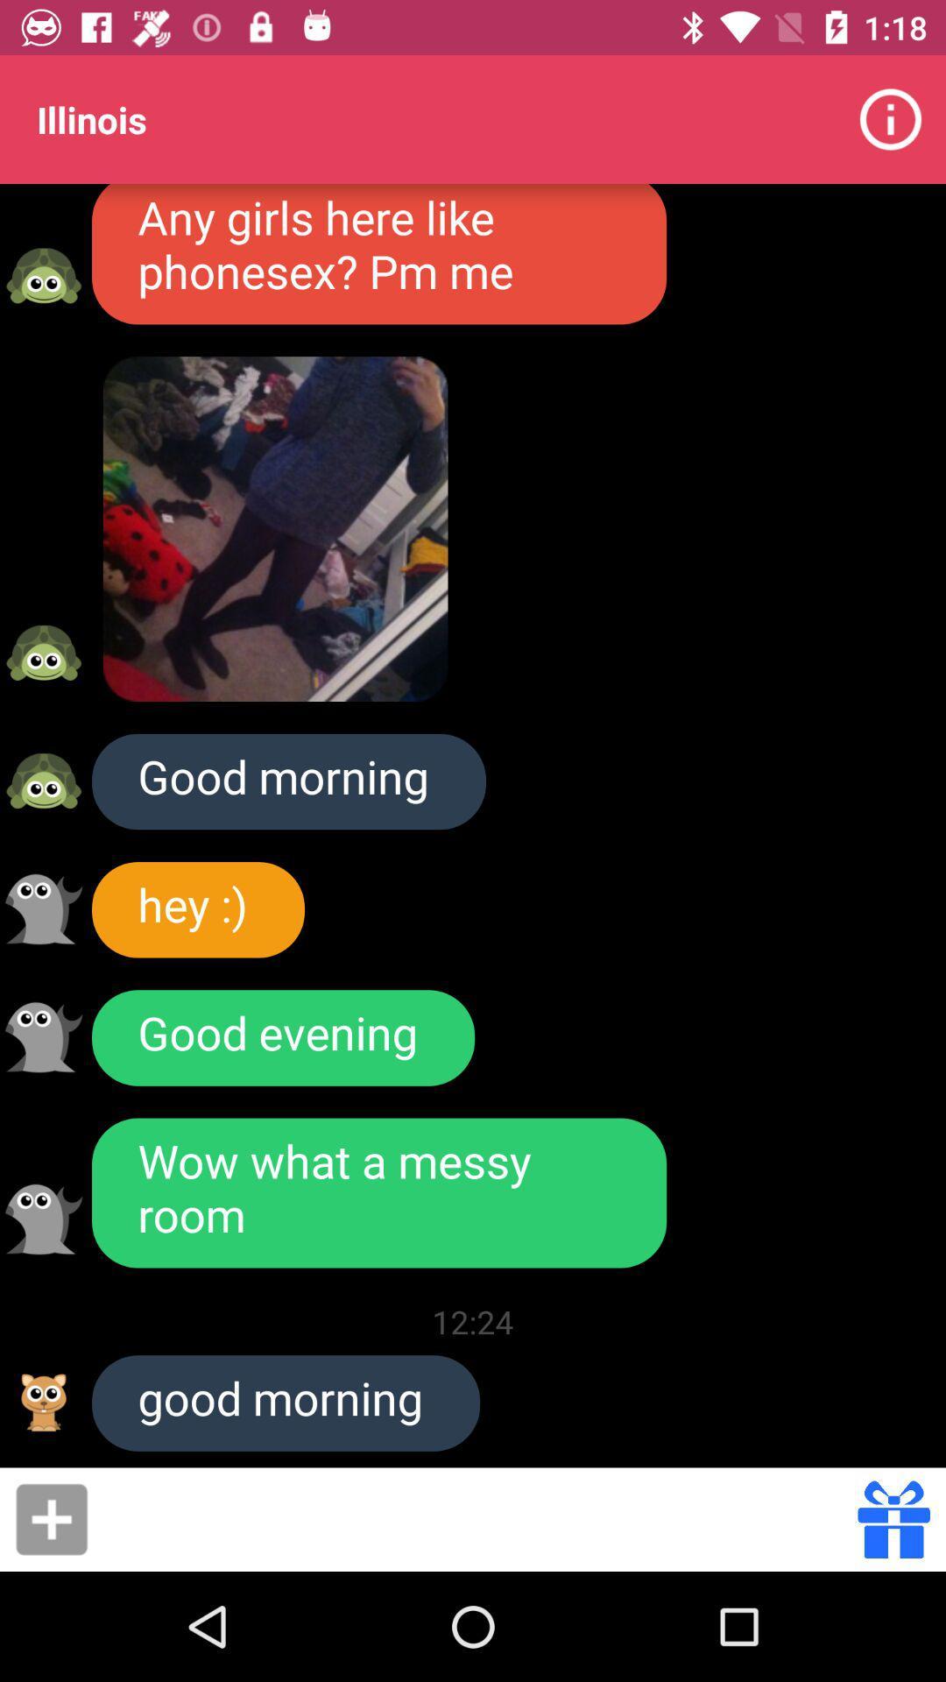 The height and width of the screenshot is (1682, 946). Describe the element at coordinates (51, 1518) in the screenshot. I see `click on the button with plus symbol to post comment` at that location.